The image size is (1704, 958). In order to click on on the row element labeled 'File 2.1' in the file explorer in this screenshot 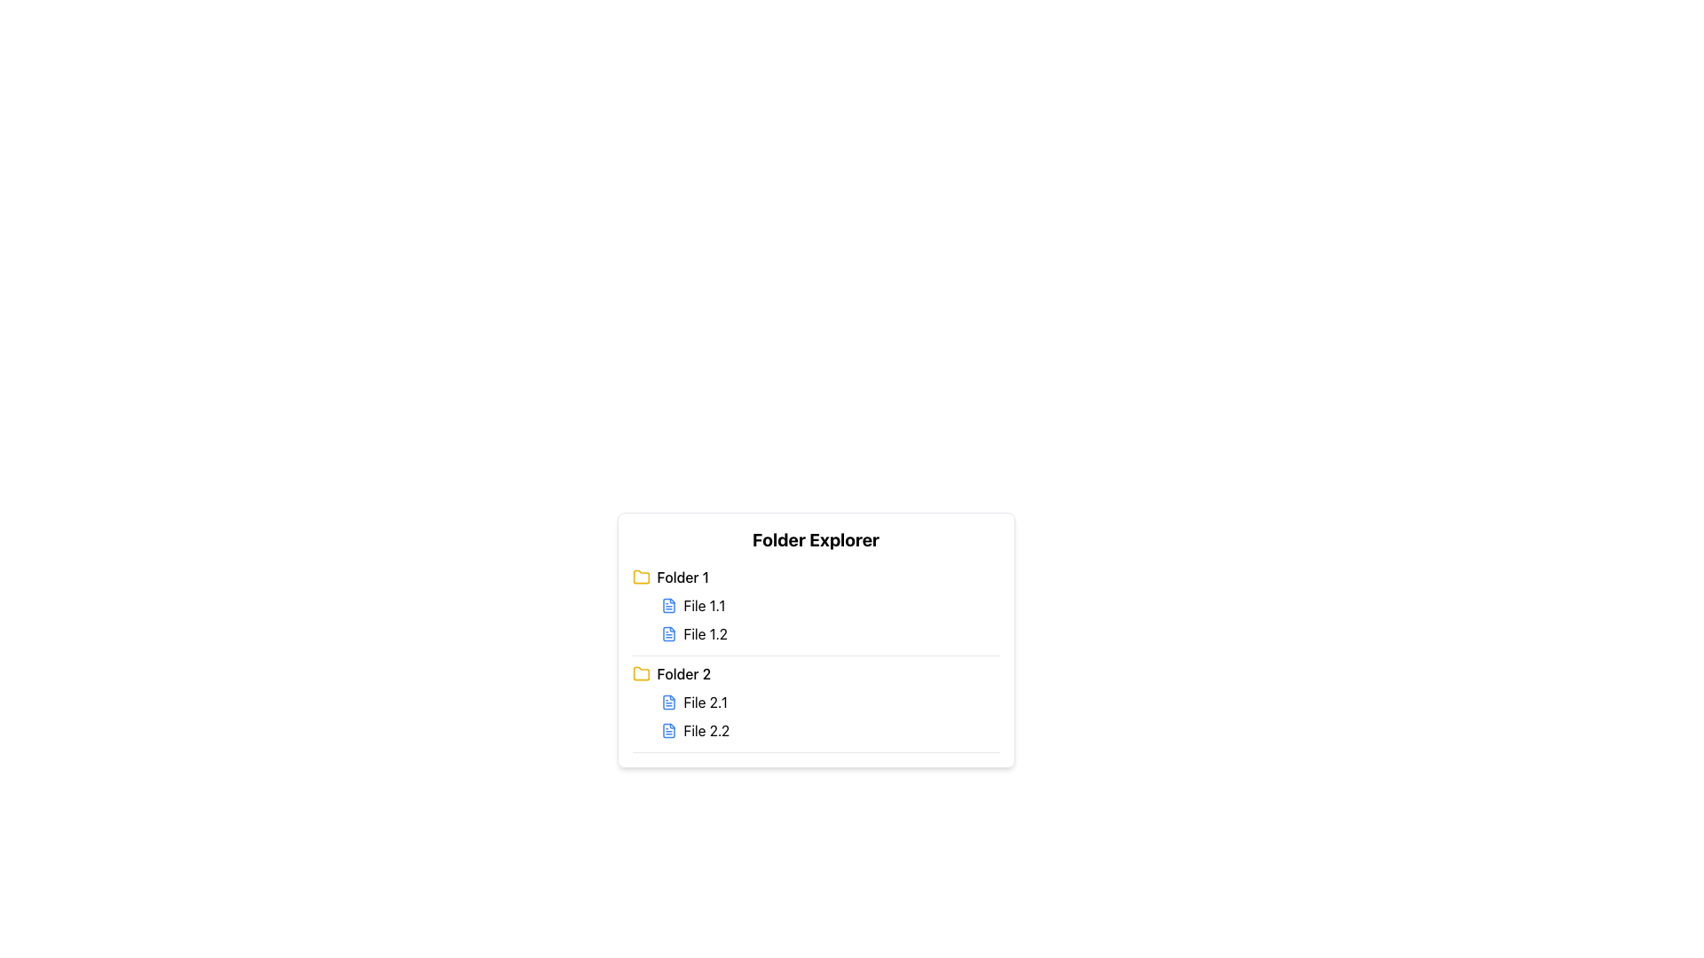, I will do `click(829, 701)`.